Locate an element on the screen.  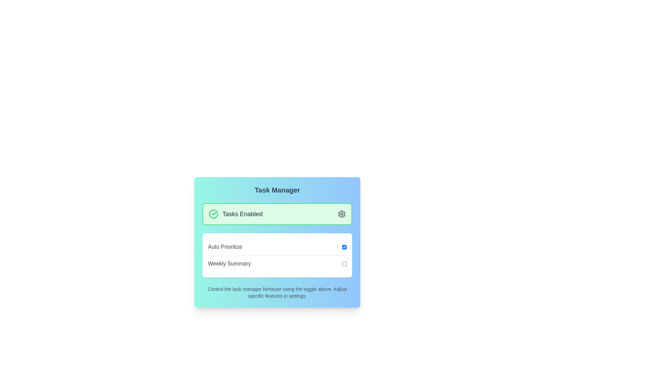
the static text label providing guidance about the task manager, located in the bottom section of the 'Task Manager' card, below the 'Weekly Summary' toggle row is located at coordinates (277, 292).